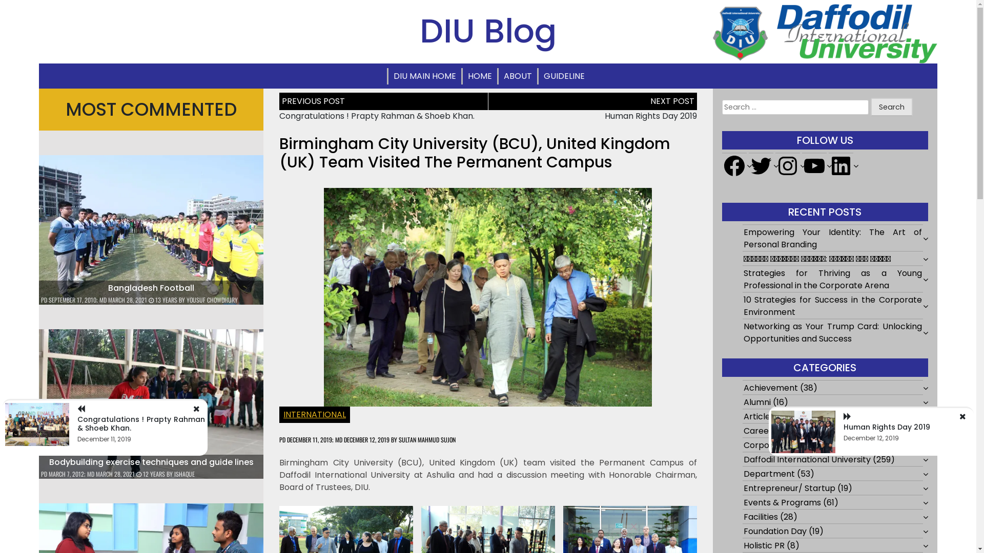 This screenshot has width=984, height=553. What do you see at coordinates (761, 165) in the screenshot?
I see `'Twitter'` at bounding box center [761, 165].